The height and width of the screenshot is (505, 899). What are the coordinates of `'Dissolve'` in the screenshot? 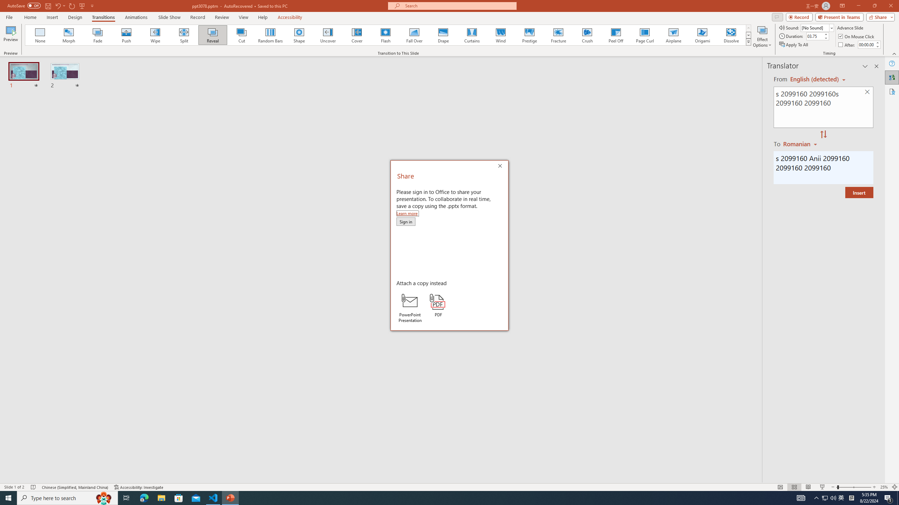 It's located at (730, 35).